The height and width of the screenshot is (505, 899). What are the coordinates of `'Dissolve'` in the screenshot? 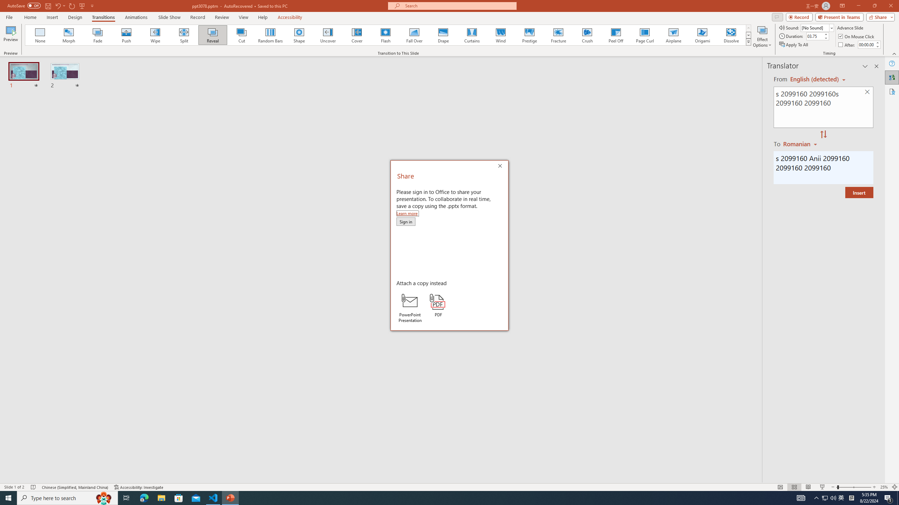 It's located at (730, 35).